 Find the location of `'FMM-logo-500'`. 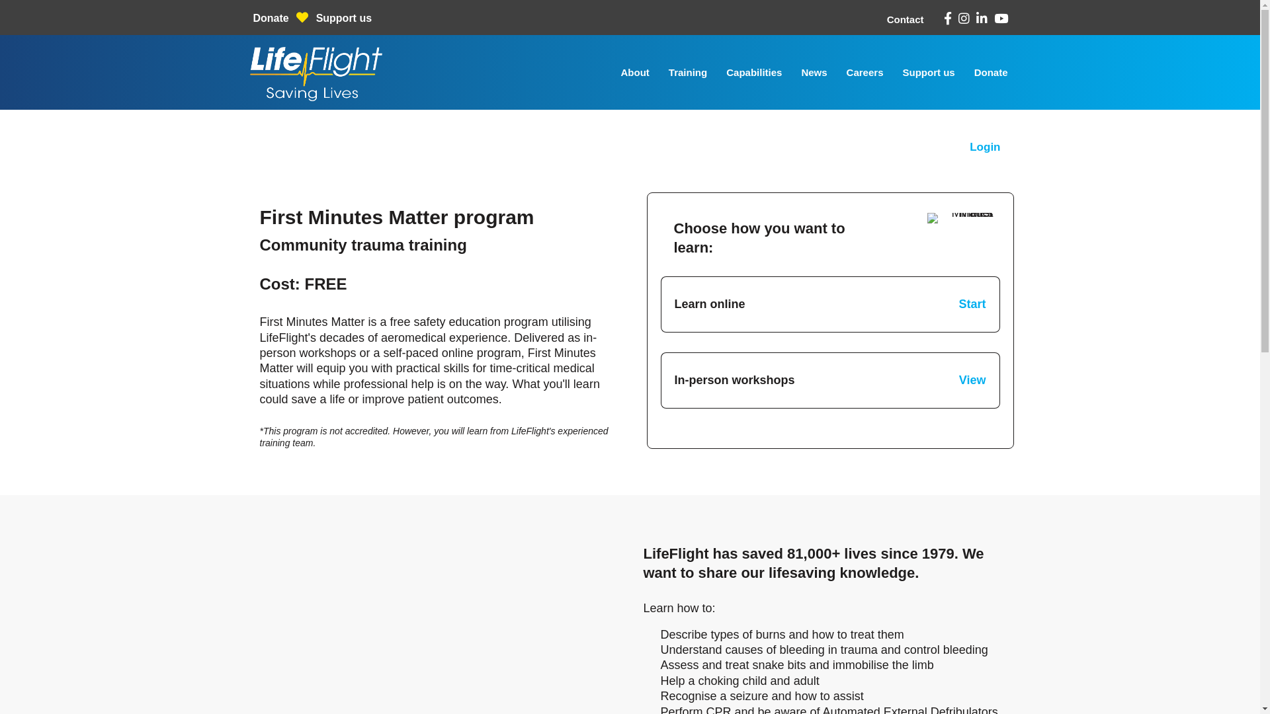

'FMM-logo-500' is located at coordinates (960, 218).